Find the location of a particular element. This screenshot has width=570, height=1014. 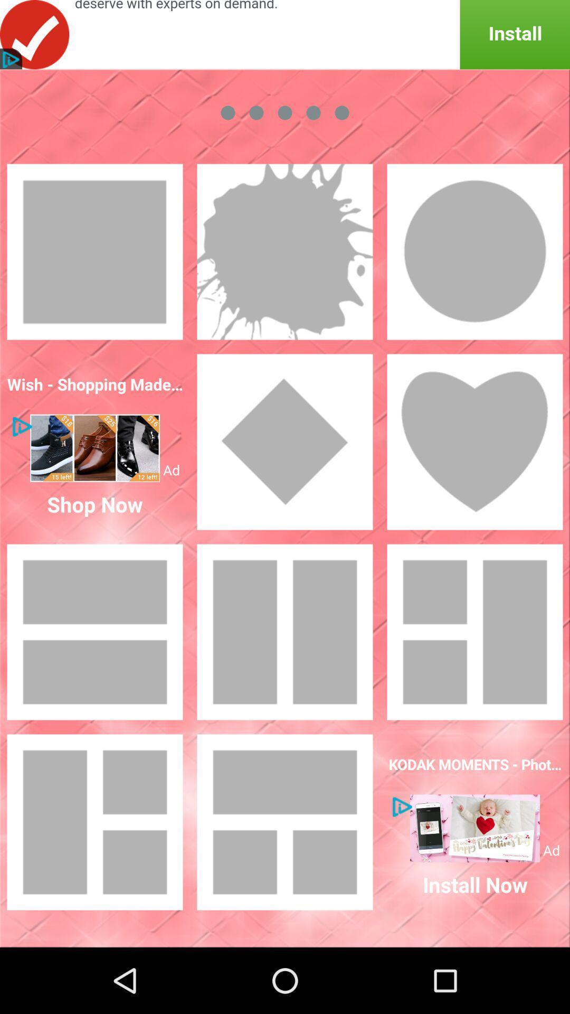

this item is located at coordinates (285, 821).